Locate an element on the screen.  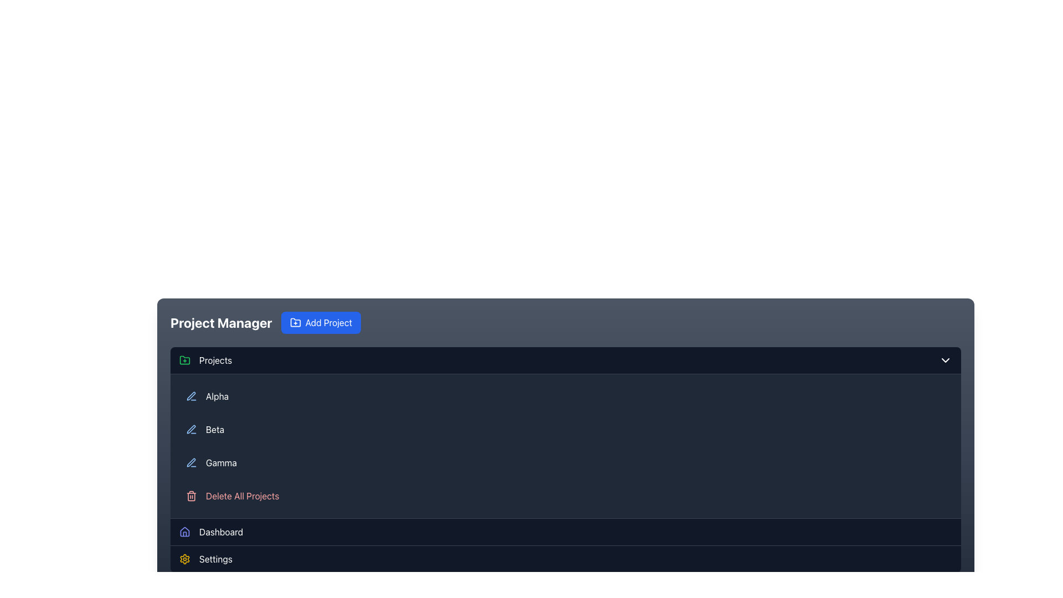
the 'Projects' text label with the green folder icon in the dark-themed sidebar, located below the 'Project Manager' heading is located at coordinates (205, 360).